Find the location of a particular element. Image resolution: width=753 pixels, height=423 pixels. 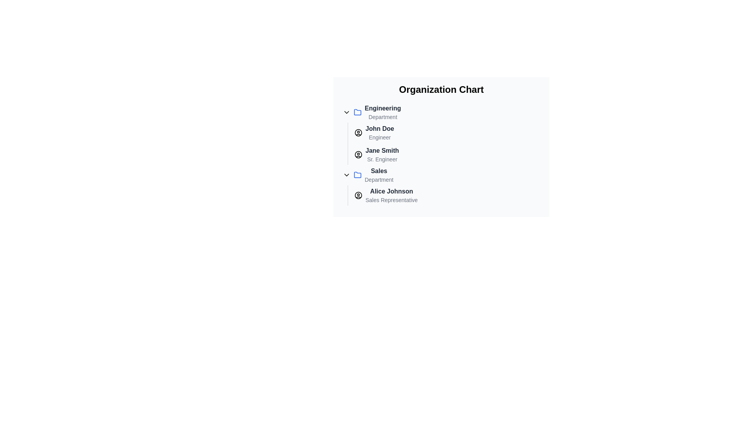

the text label displaying 'Department', which is a small-sized, gray font located directly below the 'Engineering' label in the organizational chart is located at coordinates (383, 117).